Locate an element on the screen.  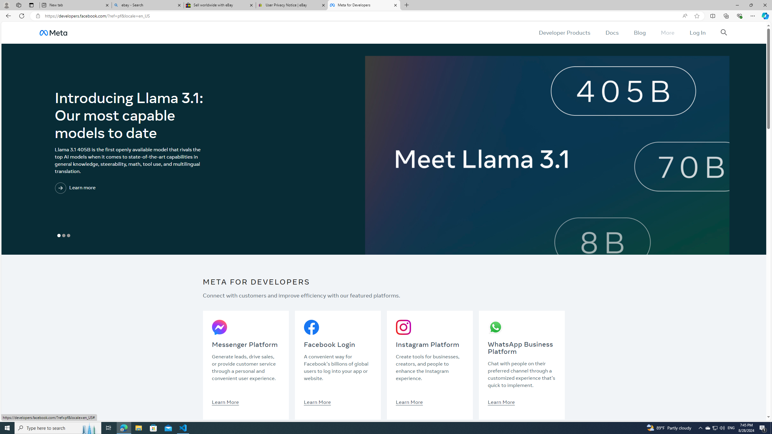
'Log In' is located at coordinates (697, 32).